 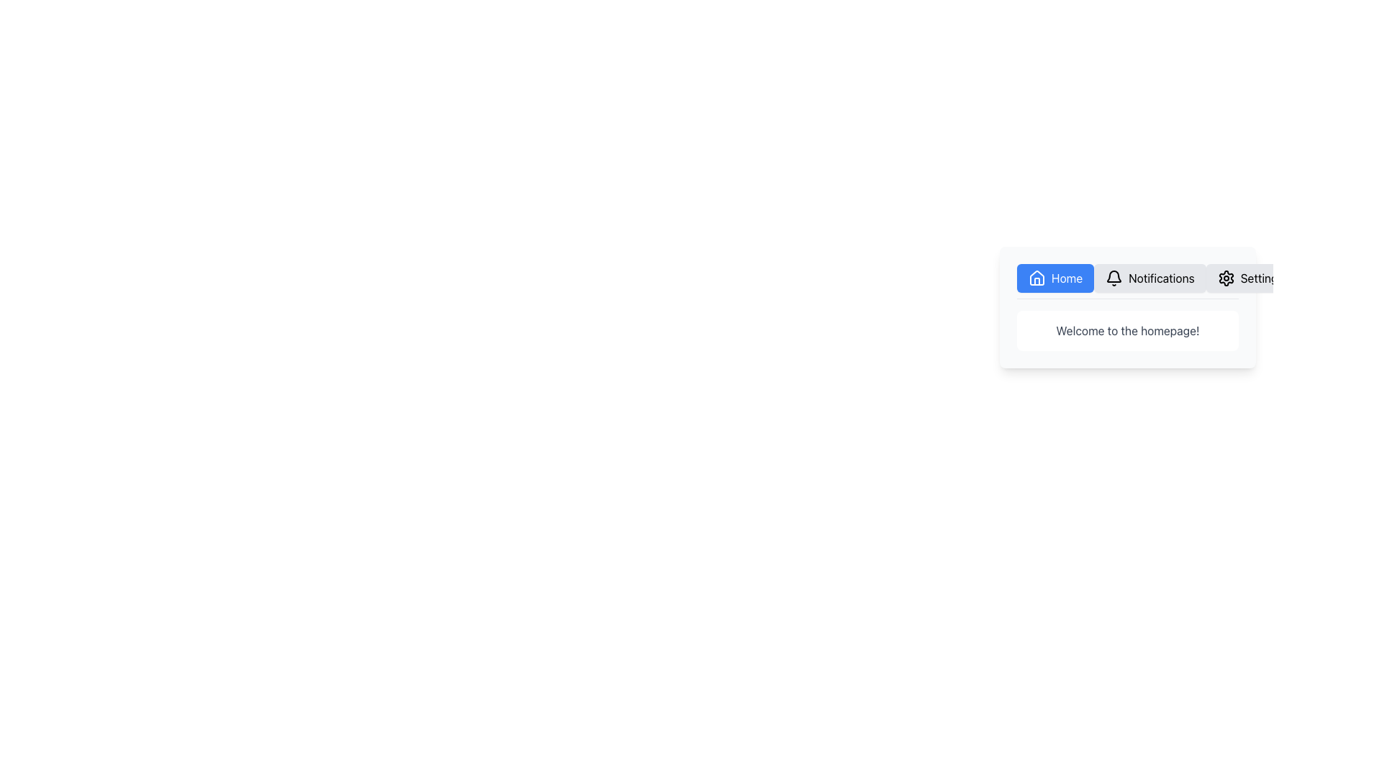 I want to click on the circular settings icon with a gear-like appearance located in the top-right navigation bar, so click(x=1225, y=278).